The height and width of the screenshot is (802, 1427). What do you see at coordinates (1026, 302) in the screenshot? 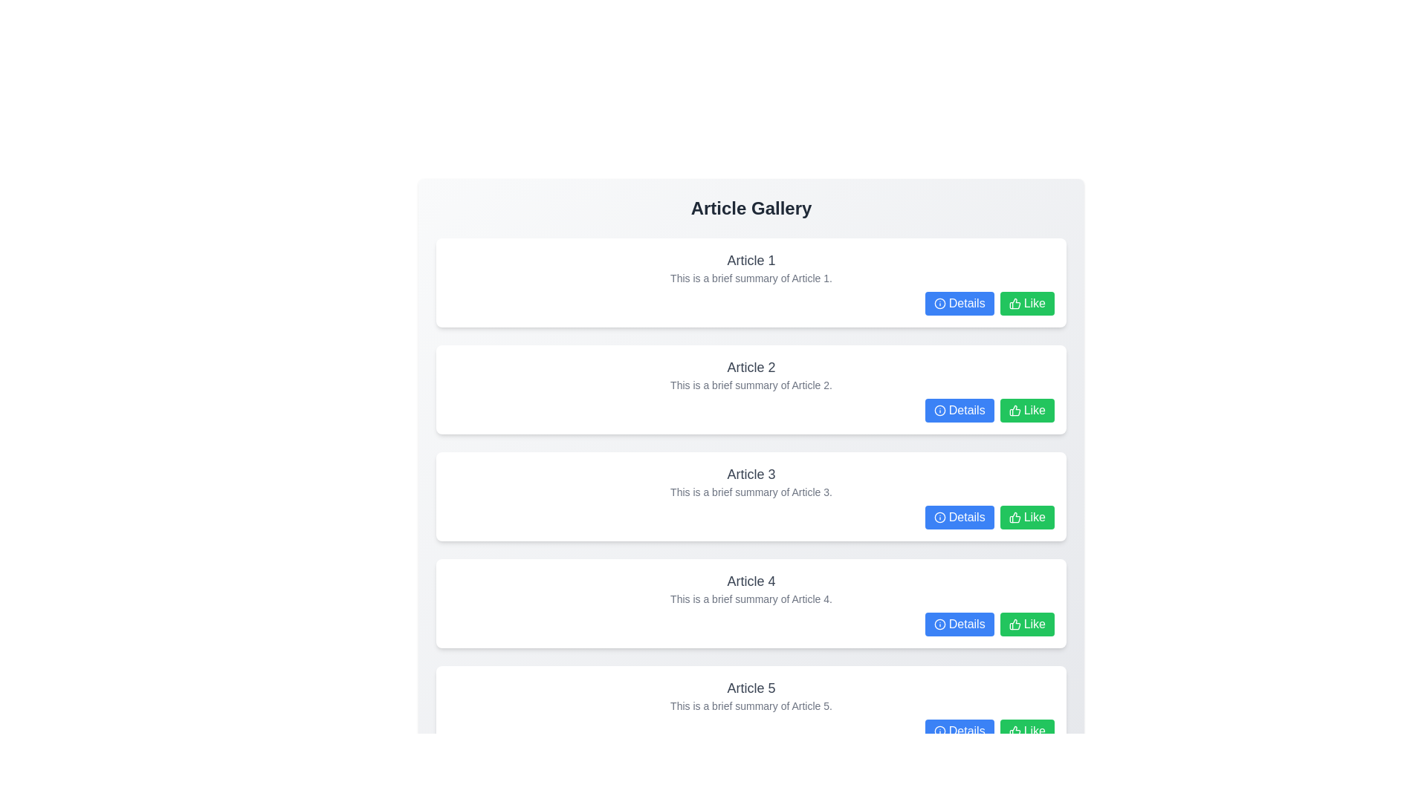
I see `the green 'Like' button featuring a 'thumbs-up' icon, located in the 'Article 1' row` at bounding box center [1026, 302].